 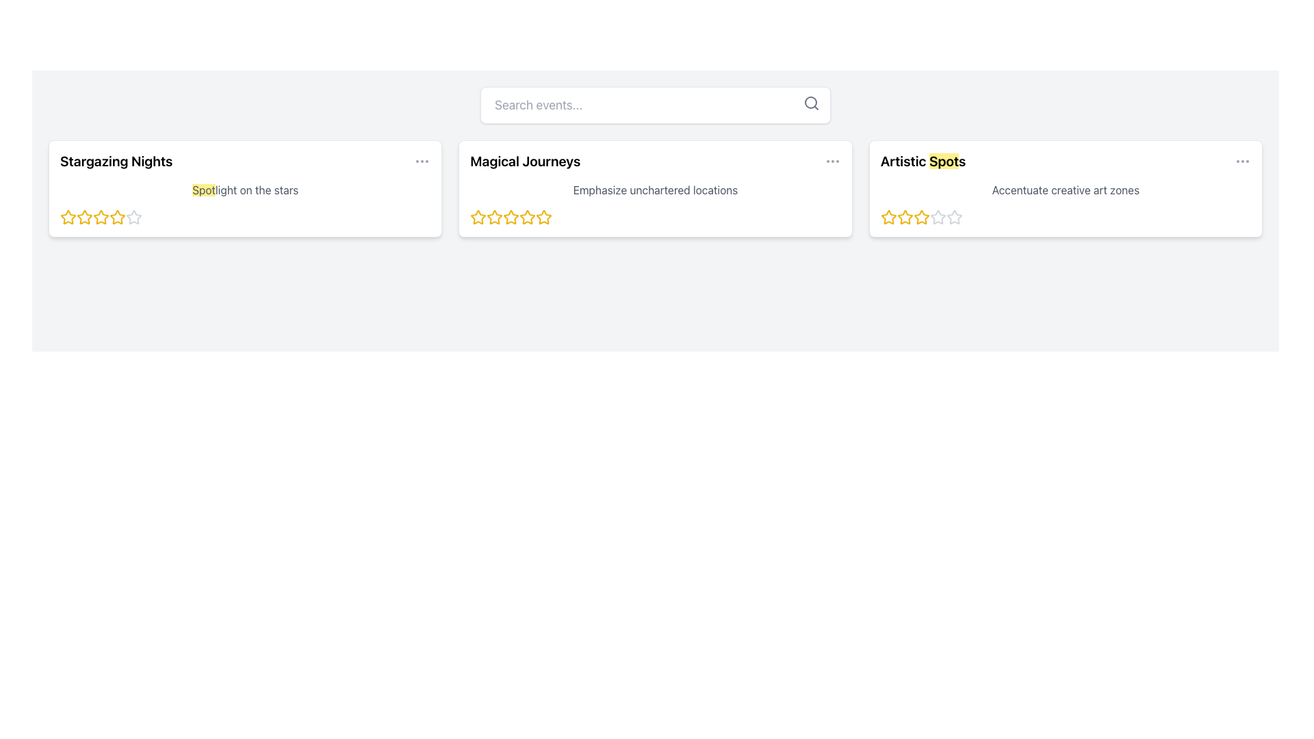 I want to click on the small black text character located to the right of the word 'Spot' in the title 'Artistic Spots', so click(x=962, y=160).